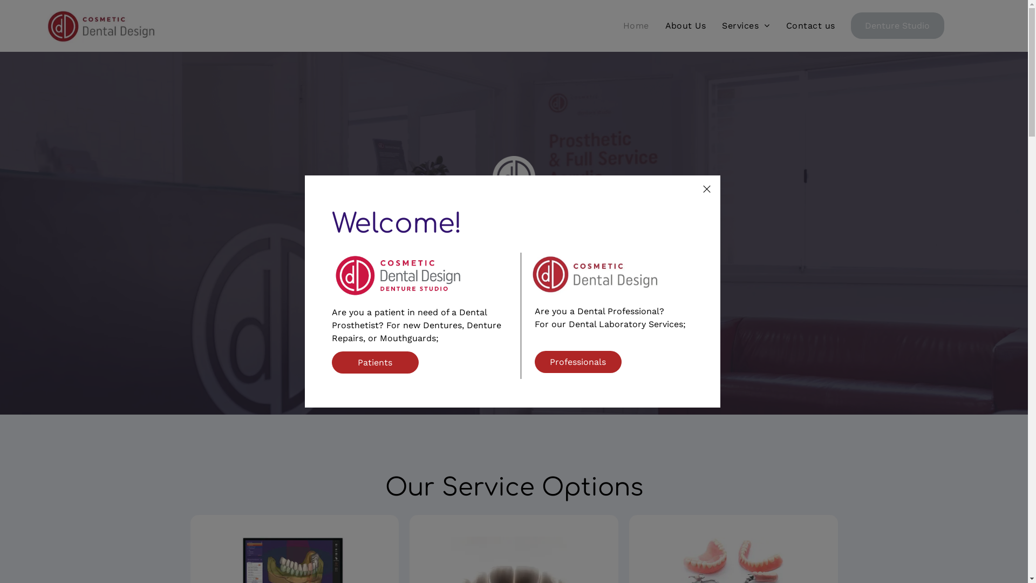 The width and height of the screenshot is (1036, 583). What do you see at coordinates (375, 362) in the screenshot?
I see `'Patients'` at bounding box center [375, 362].